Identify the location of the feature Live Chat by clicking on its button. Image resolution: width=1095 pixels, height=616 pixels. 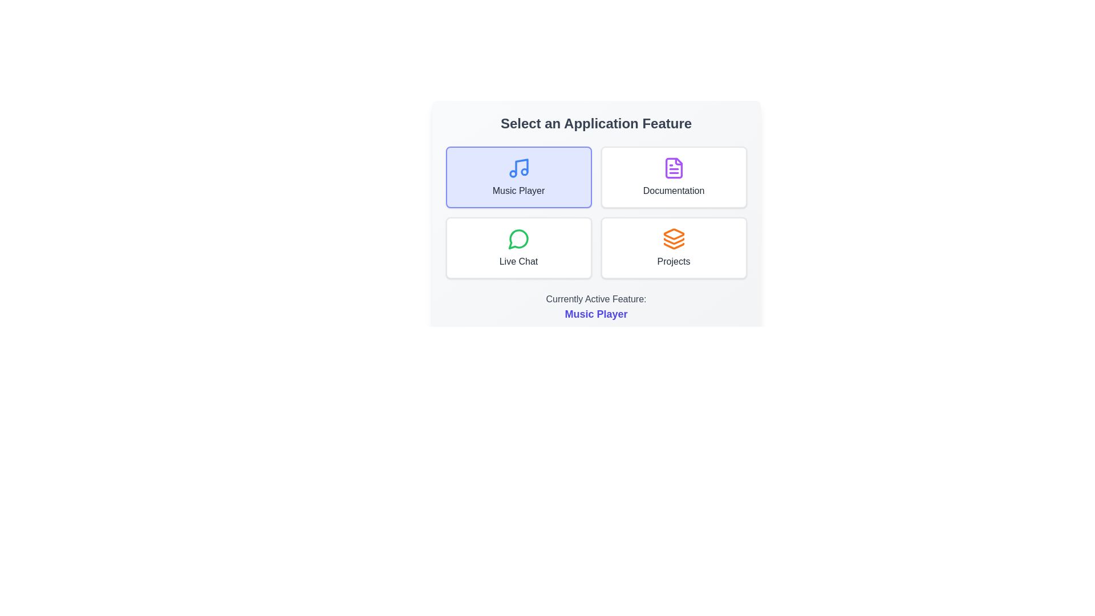
(518, 248).